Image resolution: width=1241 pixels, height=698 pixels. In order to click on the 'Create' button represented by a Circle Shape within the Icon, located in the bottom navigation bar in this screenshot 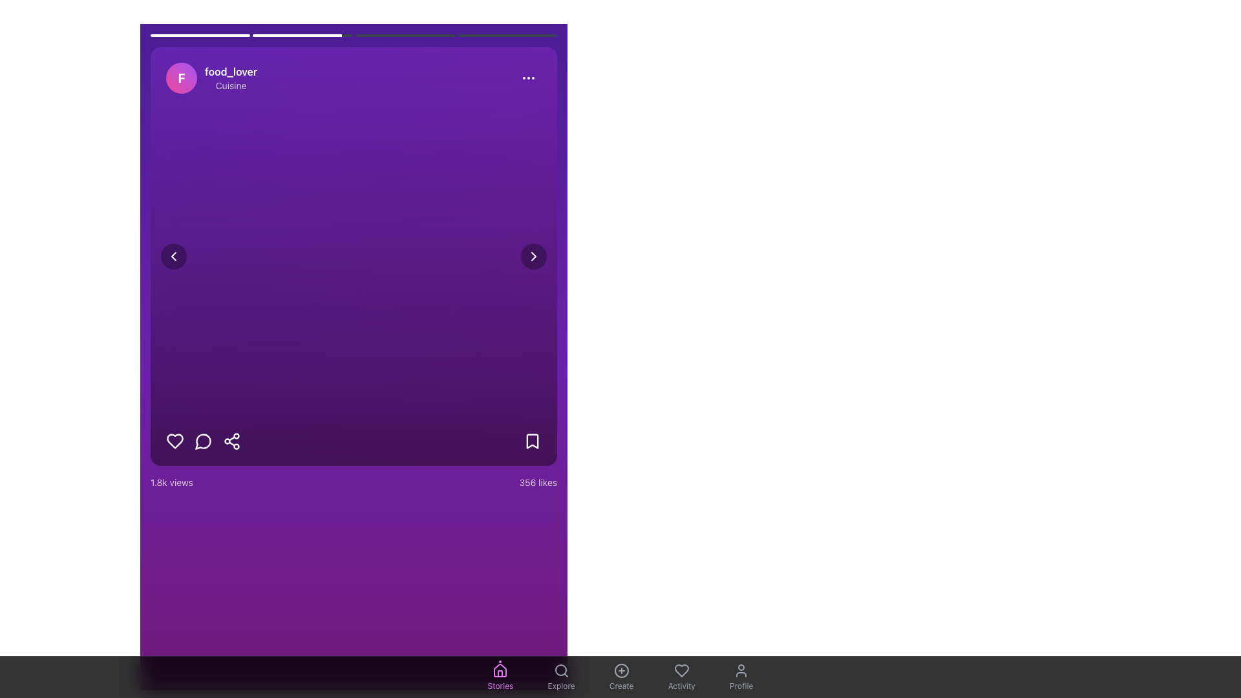, I will do `click(621, 670)`.